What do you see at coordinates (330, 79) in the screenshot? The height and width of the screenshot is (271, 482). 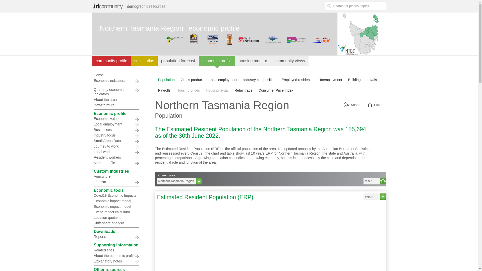 I see `'Unemployment'` at bounding box center [330, 79].